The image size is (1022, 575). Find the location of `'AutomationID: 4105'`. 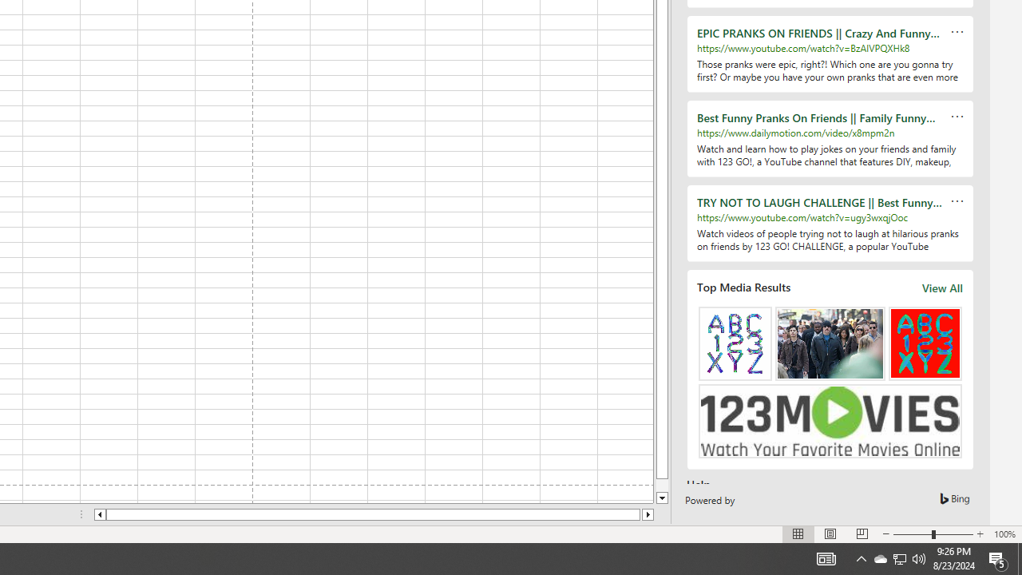

'AutomationID: 4105' is located at coordinates (826, 557).